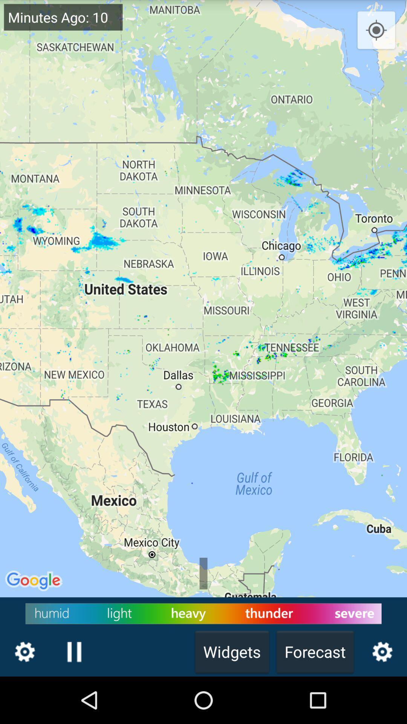 The height and width of the screenshot is (724, 407). What do you see at coordinates (24, 697) in the screenshot?
I see `the settings icon` at bounding box center [24, 697].